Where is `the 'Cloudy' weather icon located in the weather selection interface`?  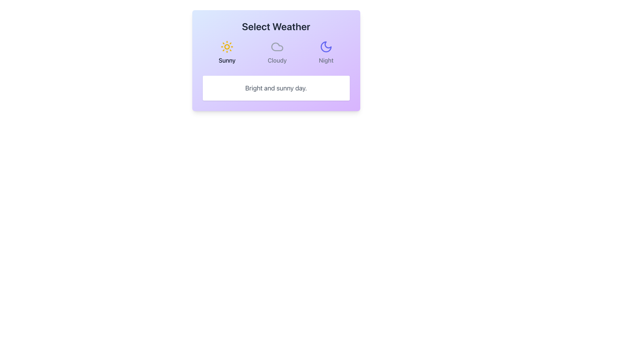
the 'Cloudy' weather icon located in the weather selection interface is located at coordinates (277, 46).